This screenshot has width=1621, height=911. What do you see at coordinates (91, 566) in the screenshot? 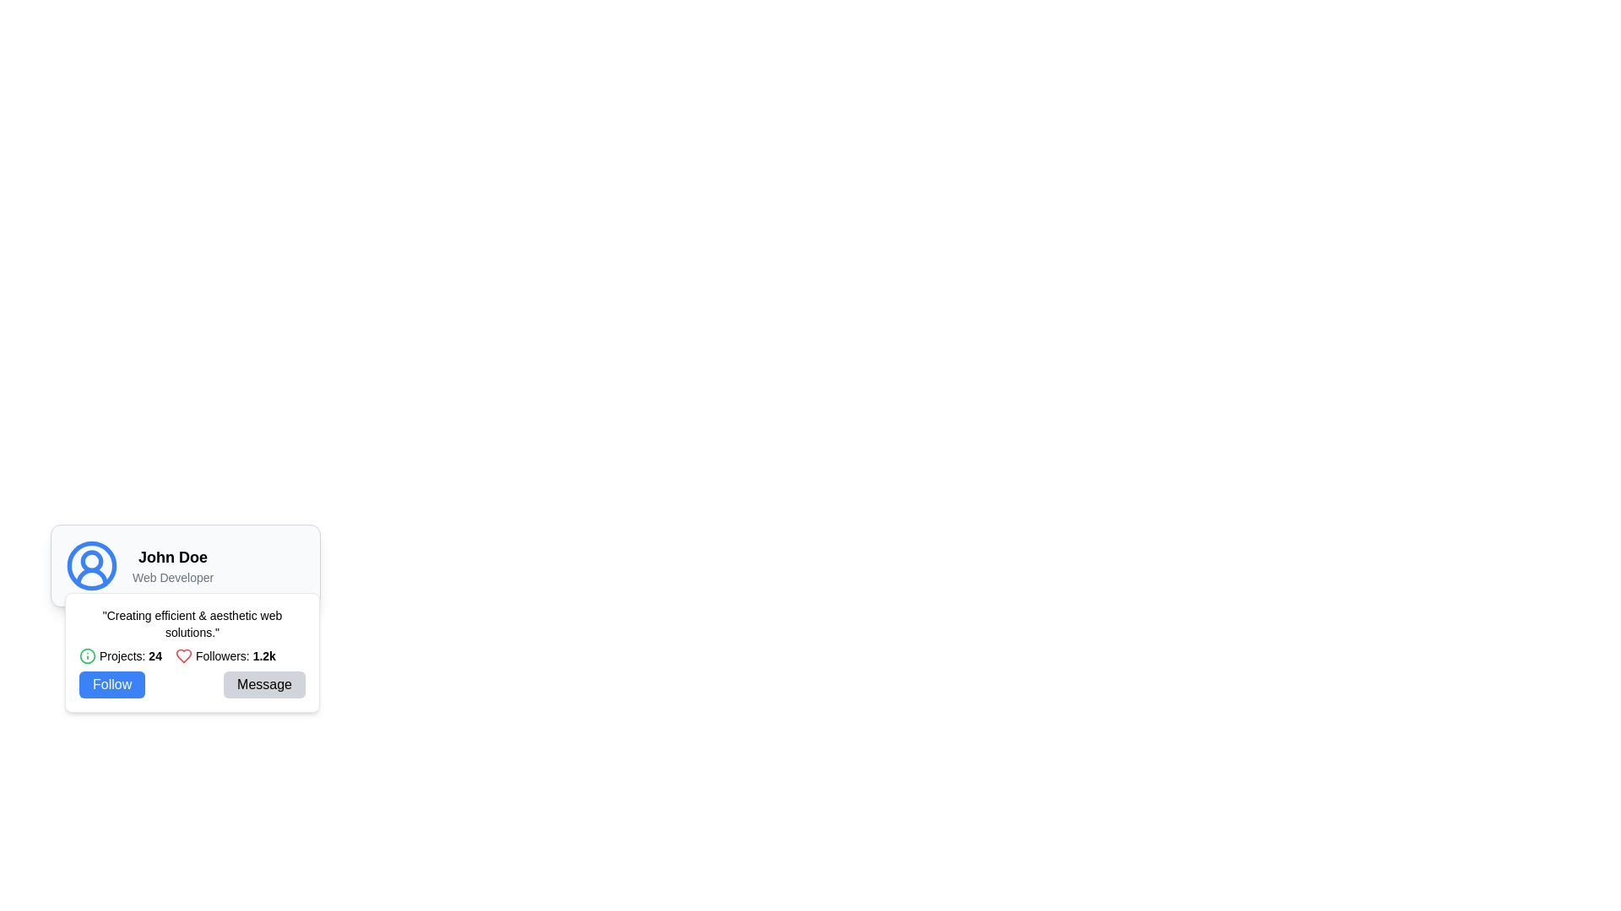
I see `the user profile icon located at the top-left corner of the card component, adjacent to the user's name 'John Doe' and title 'Web Developer', for accessibility purposes` at bounding box center [91, 566].